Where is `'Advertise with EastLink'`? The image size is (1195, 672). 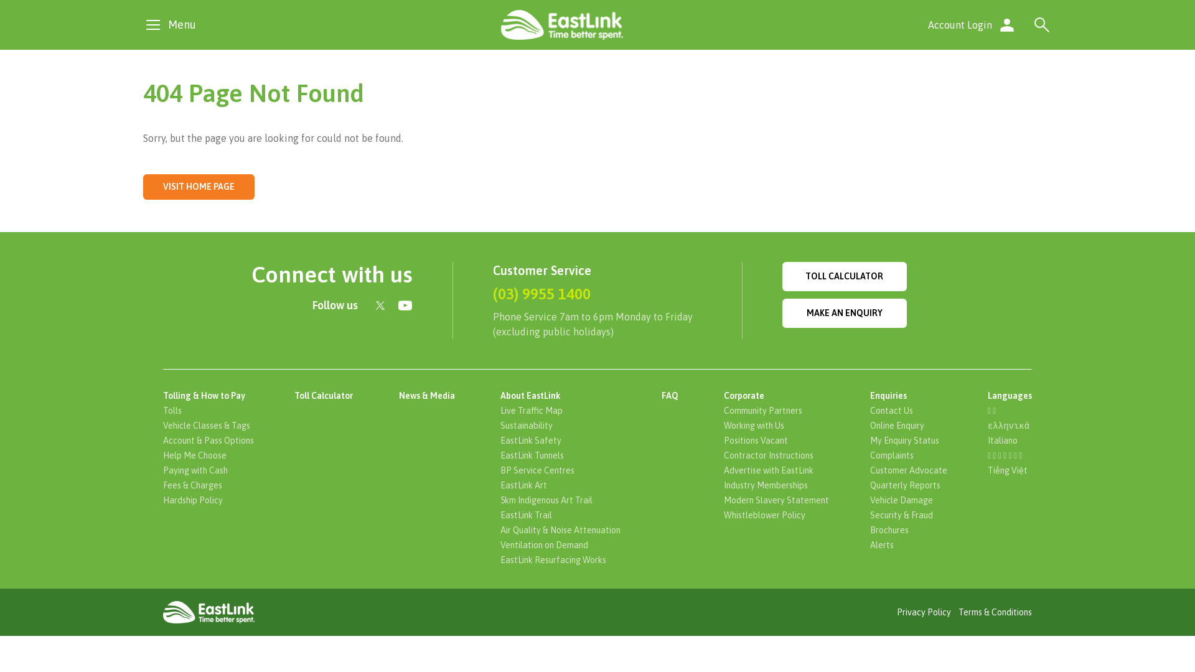 'Advertise with EastLink' is located at coordinates (773, 470).